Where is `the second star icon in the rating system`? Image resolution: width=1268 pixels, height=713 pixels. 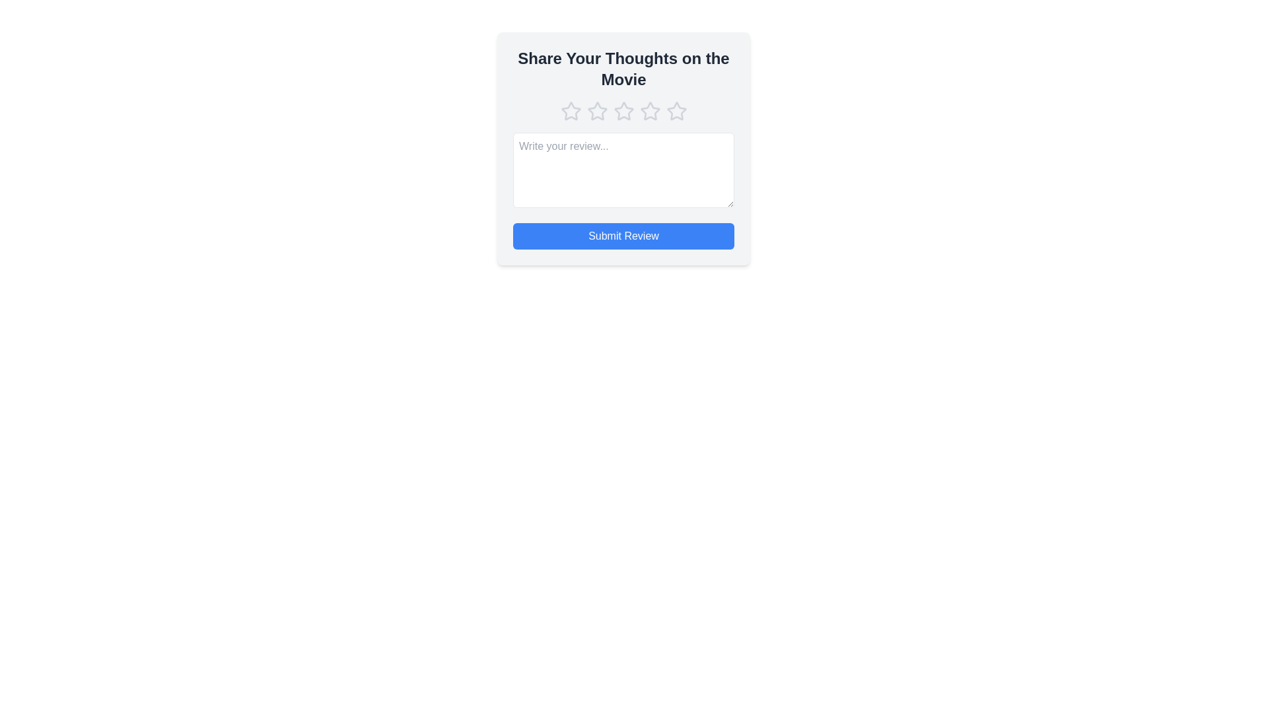
the second star icon in the rating system is located at coordinates (596, 110).